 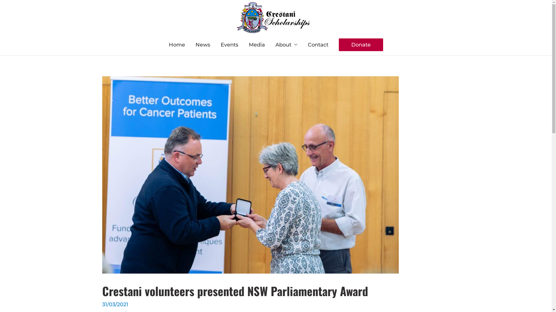 What do you see at coordinates (317, 44) in the screenshot?
I see `'Contact'` at bounding box center [317, 44].